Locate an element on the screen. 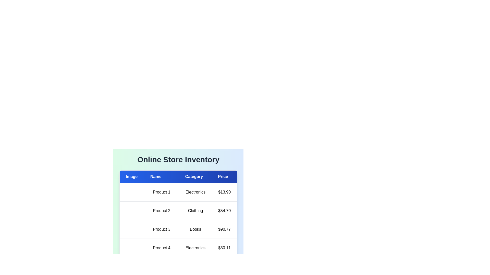  the column header to sort the table by Category is located at coordinates (195, 176).